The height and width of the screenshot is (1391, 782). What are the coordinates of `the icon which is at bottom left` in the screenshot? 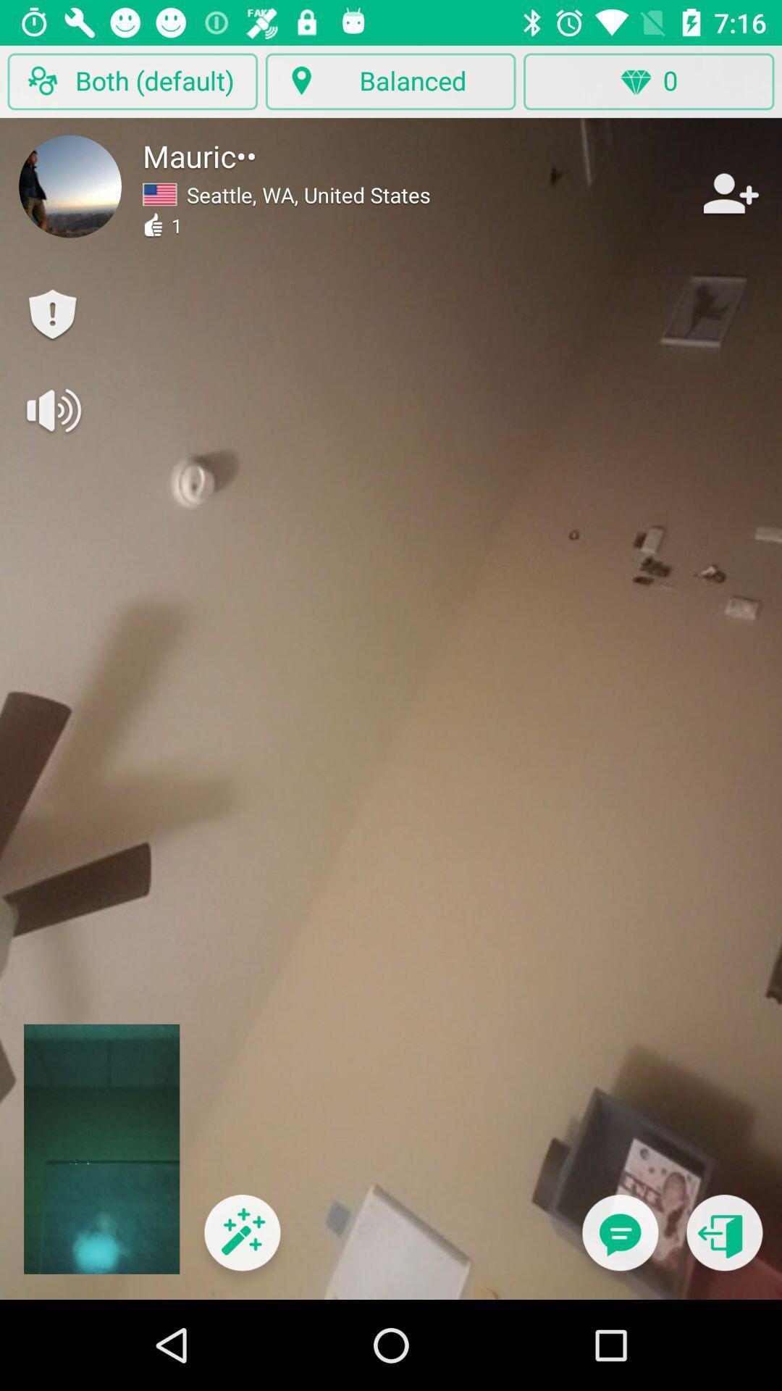 It's located at (242, 1241).